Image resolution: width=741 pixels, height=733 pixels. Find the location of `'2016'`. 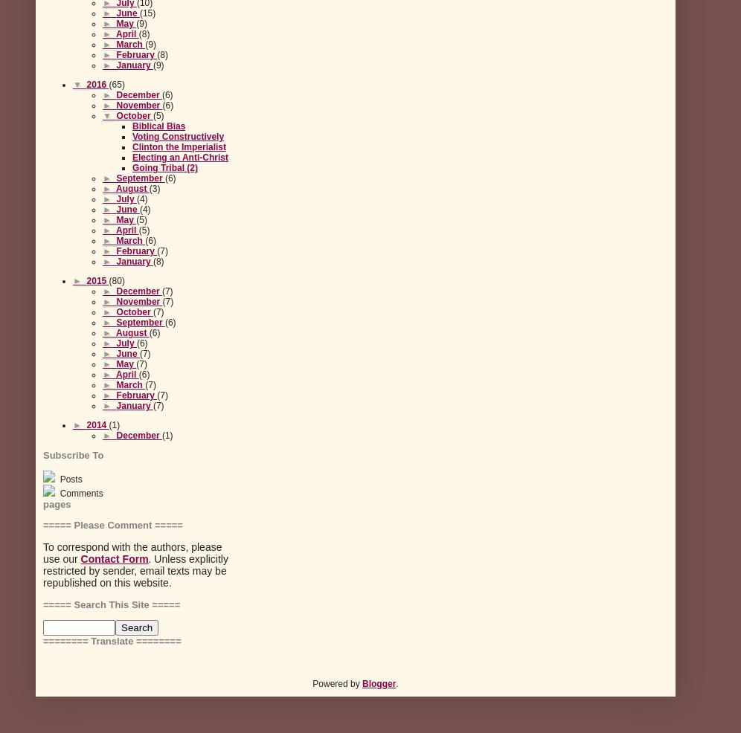

'2016' is located at coordinates (96, 84).